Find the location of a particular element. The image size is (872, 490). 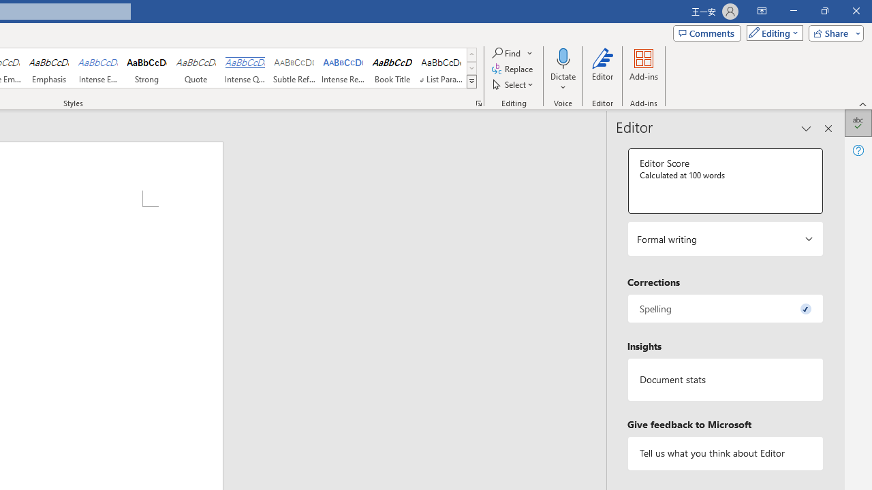

'Editor' is located at coordinates (602, 70).